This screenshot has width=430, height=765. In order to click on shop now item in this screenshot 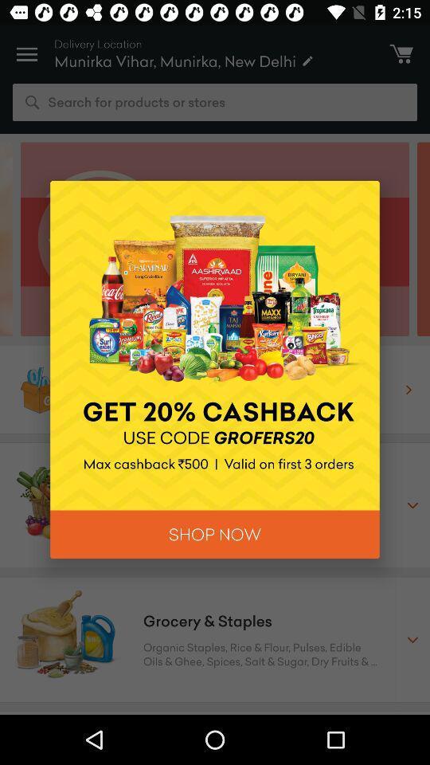, I will do `click(215, 534)`.